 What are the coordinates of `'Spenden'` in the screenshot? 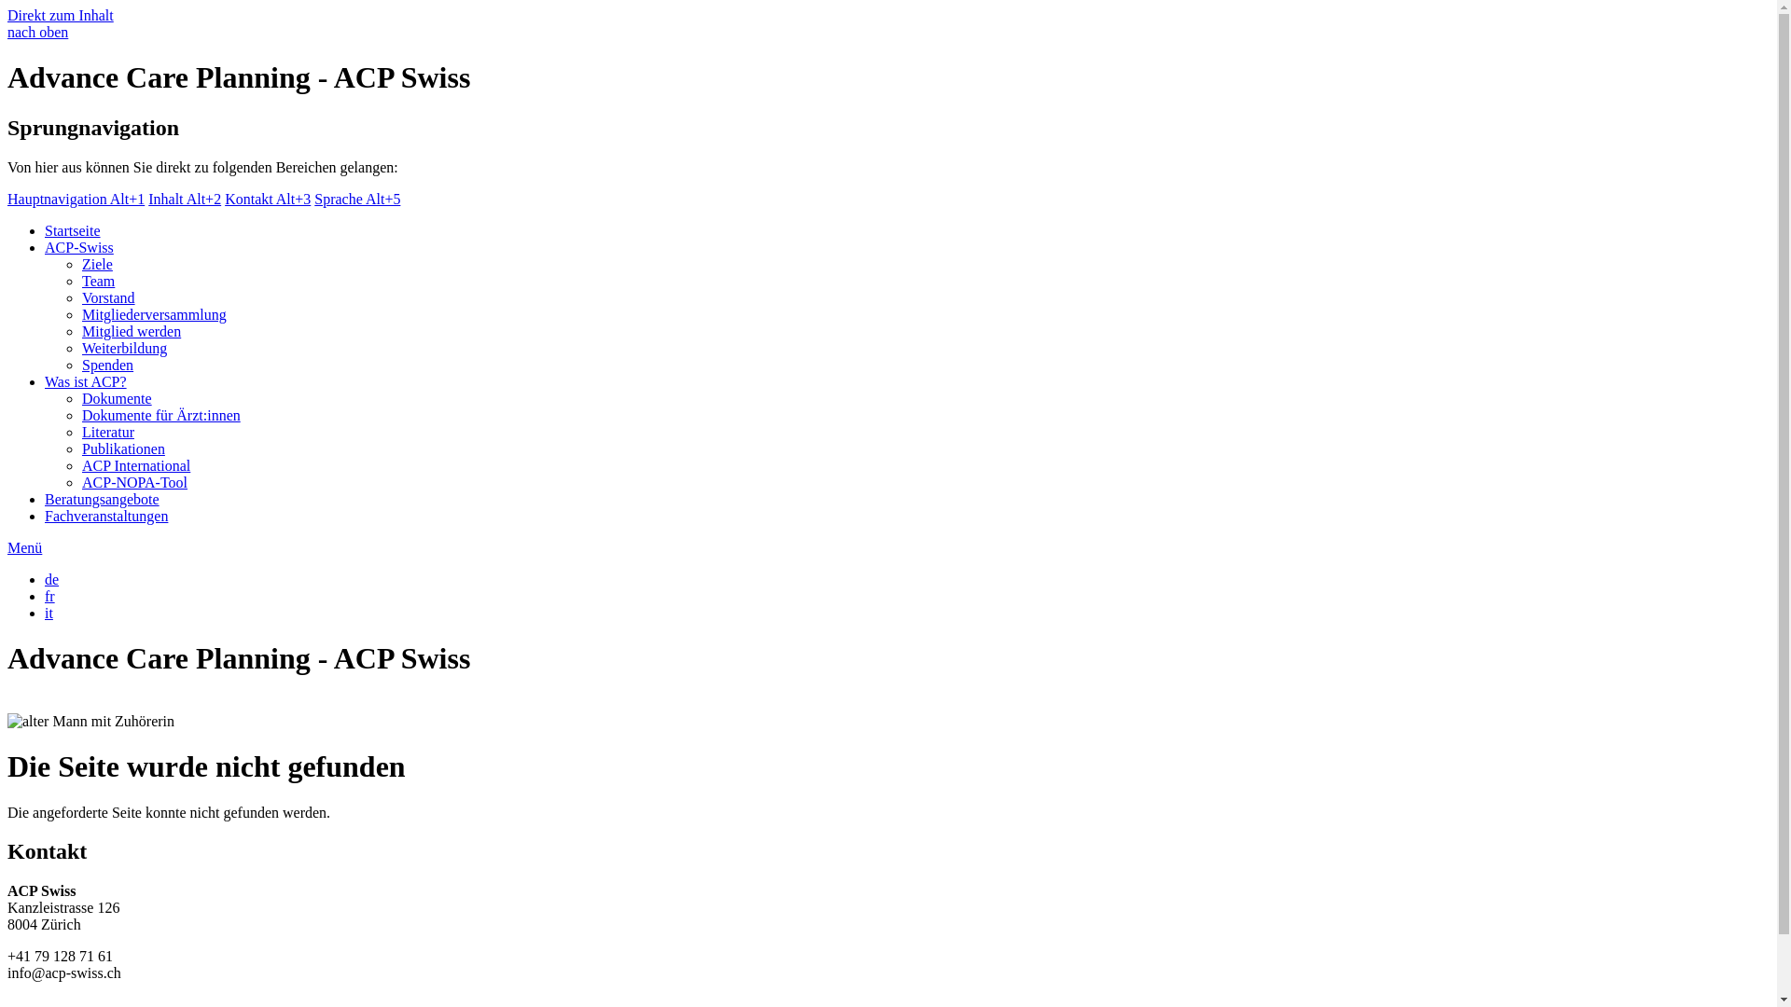 It's located at (80, 365).